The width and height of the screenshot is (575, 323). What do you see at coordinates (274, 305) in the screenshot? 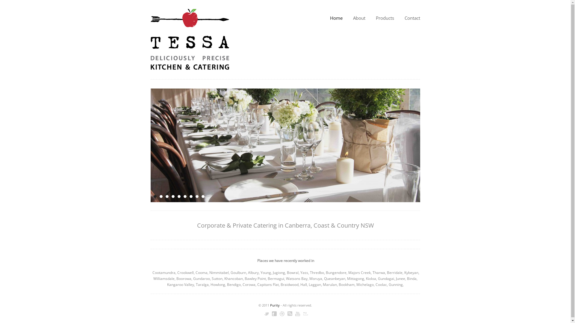
I see `'Purity'` at bounding box center [274, 305].